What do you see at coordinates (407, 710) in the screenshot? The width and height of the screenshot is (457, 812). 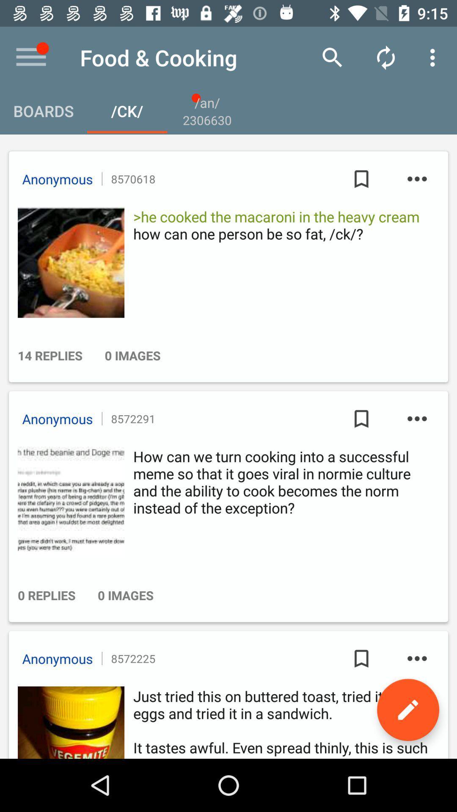 I see `edit option` at bounding box center [407, 710].